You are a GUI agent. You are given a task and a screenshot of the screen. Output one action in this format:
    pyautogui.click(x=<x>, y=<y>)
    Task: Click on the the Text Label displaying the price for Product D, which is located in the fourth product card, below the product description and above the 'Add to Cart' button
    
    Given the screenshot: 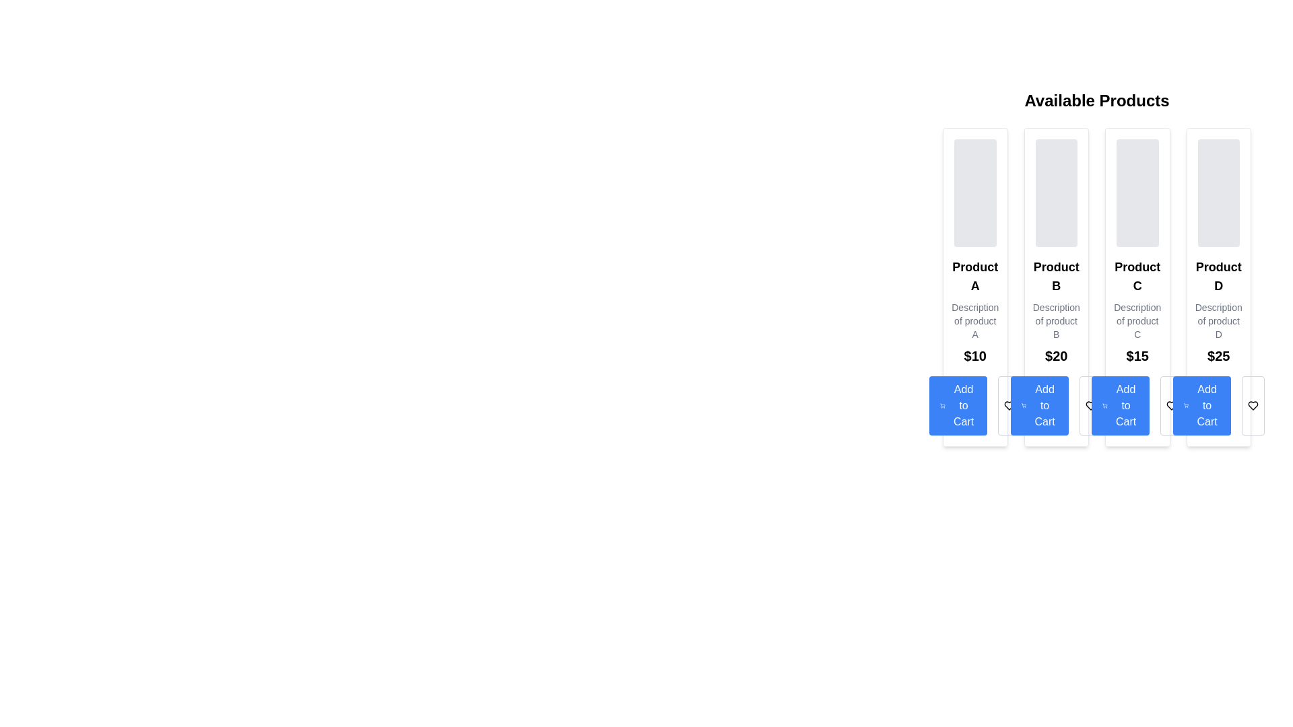 What is the action you would take?
    pyautogui.click(x=1218, y=355)
    